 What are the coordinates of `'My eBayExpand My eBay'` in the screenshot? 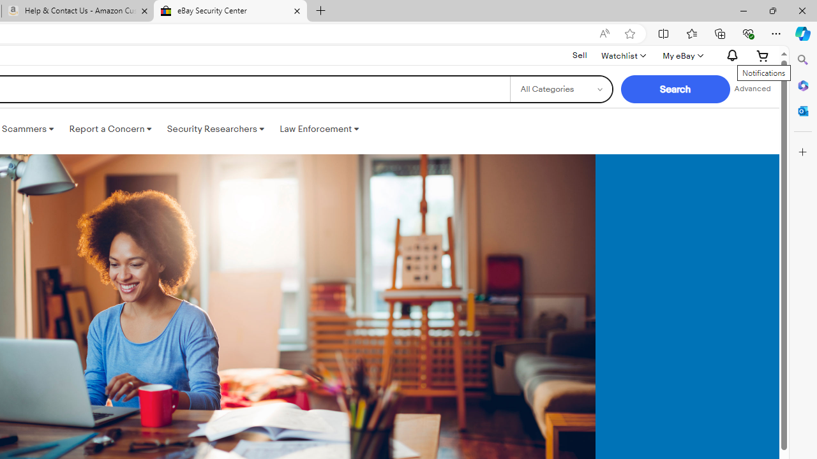 It's located at (681, 55).